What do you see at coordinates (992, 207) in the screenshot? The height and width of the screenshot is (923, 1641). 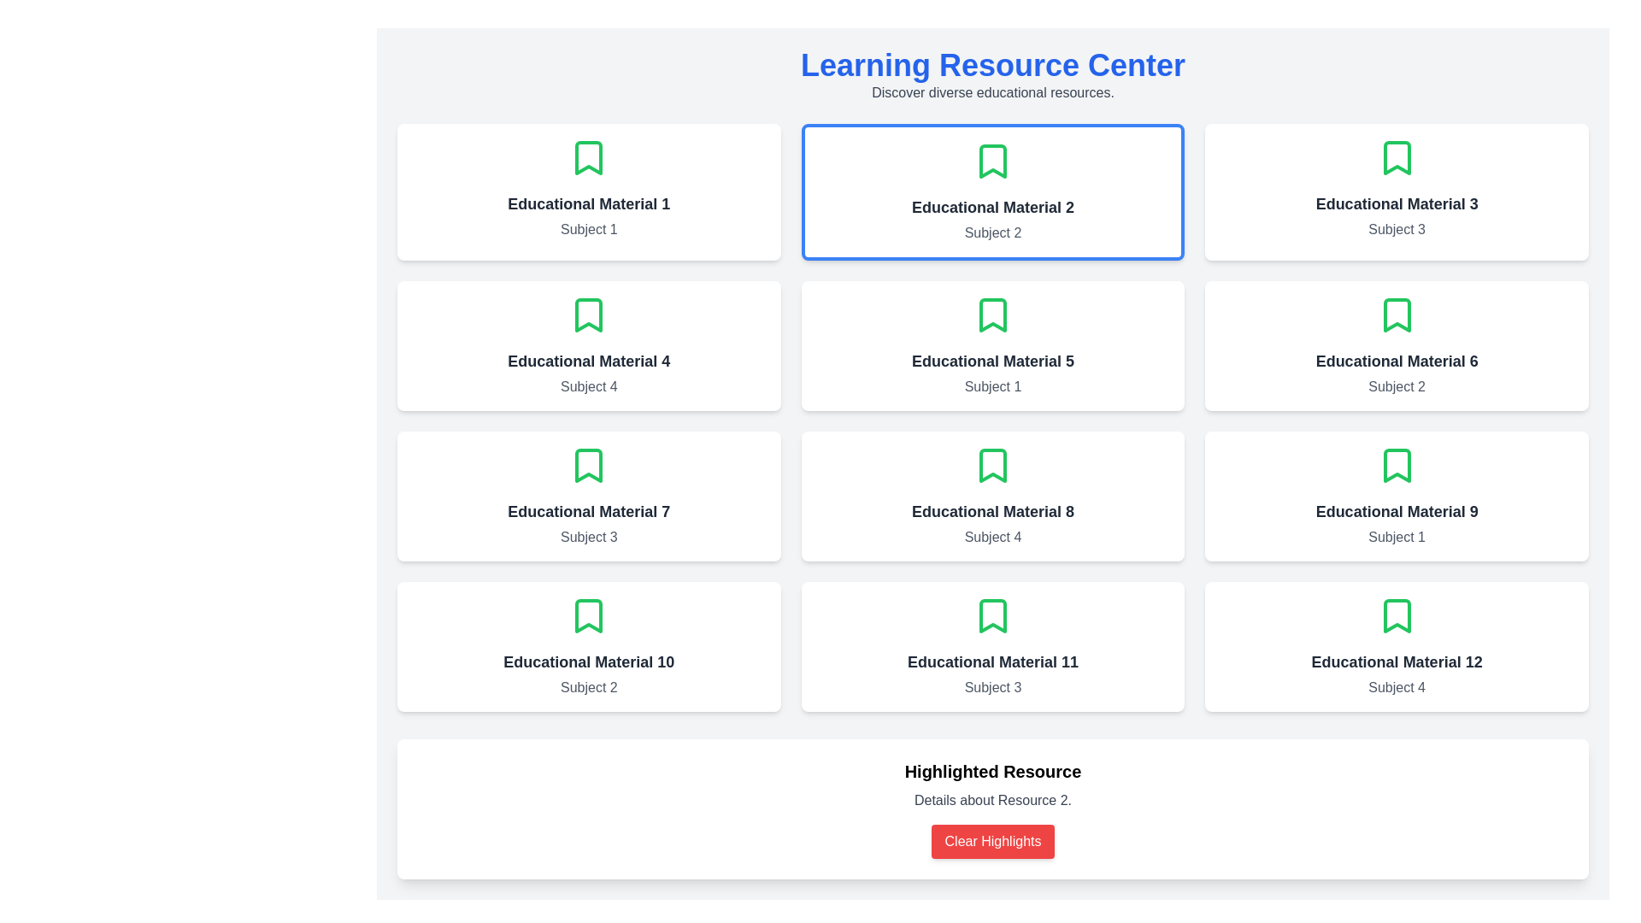 I see `the text block displaying 'Educational Material 2' which is located in the second card of the first row in the grid layout, positioned between the green bookmark icon and the text 'Subject 2'` at bounding box center [992, 207].